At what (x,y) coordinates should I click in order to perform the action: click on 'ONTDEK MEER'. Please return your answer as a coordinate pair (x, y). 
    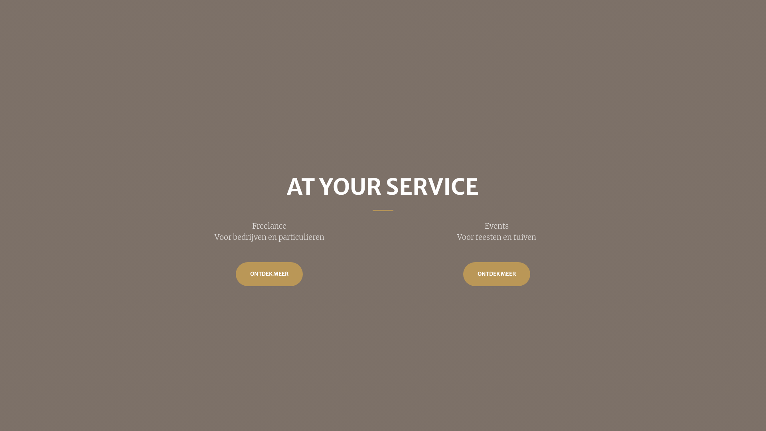
    Looking at the image, I should click on (269, 273).